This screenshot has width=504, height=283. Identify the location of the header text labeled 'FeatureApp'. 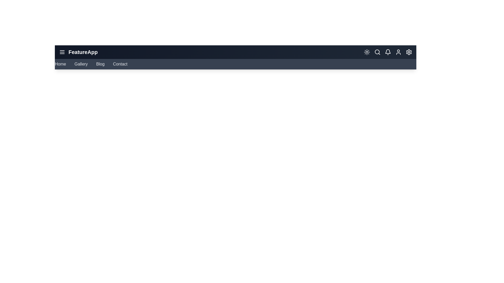
(83, 52).